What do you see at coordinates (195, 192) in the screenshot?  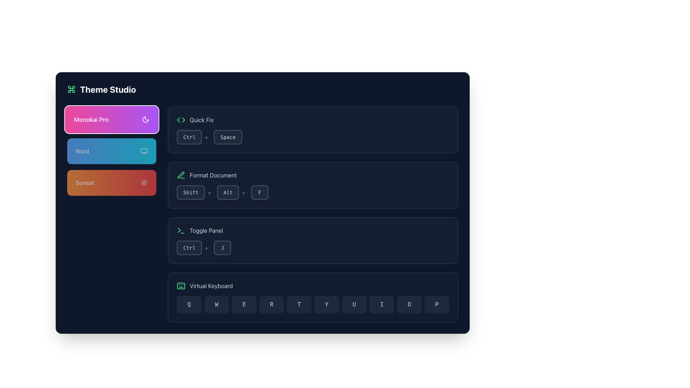 I see `the 'Shift' button` at bounding box center [195, 192].